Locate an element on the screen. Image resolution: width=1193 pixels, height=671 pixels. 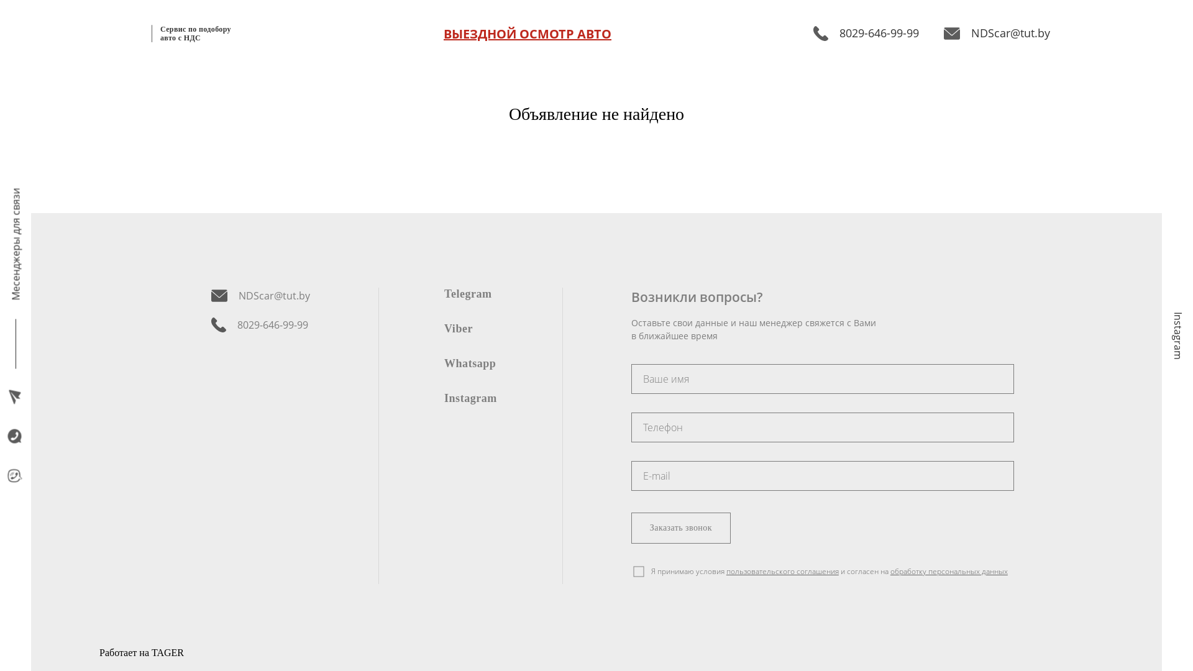
'Whatsapp' is located at coordinates (469, 362).